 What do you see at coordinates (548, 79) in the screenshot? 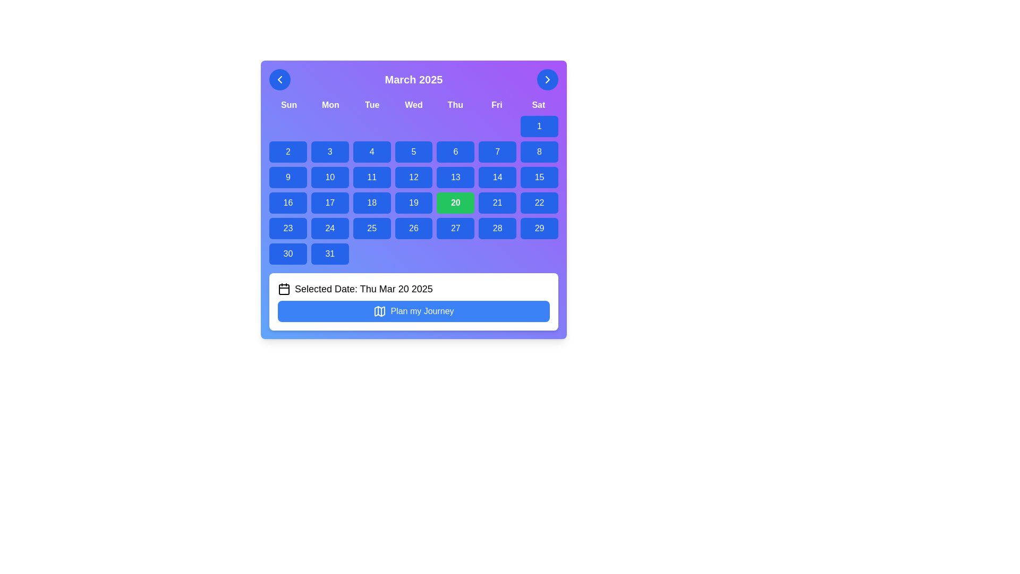
I see `the right-pointing chevron icon located at the top-right corner of the component interface` at bounding box center [548, 79].